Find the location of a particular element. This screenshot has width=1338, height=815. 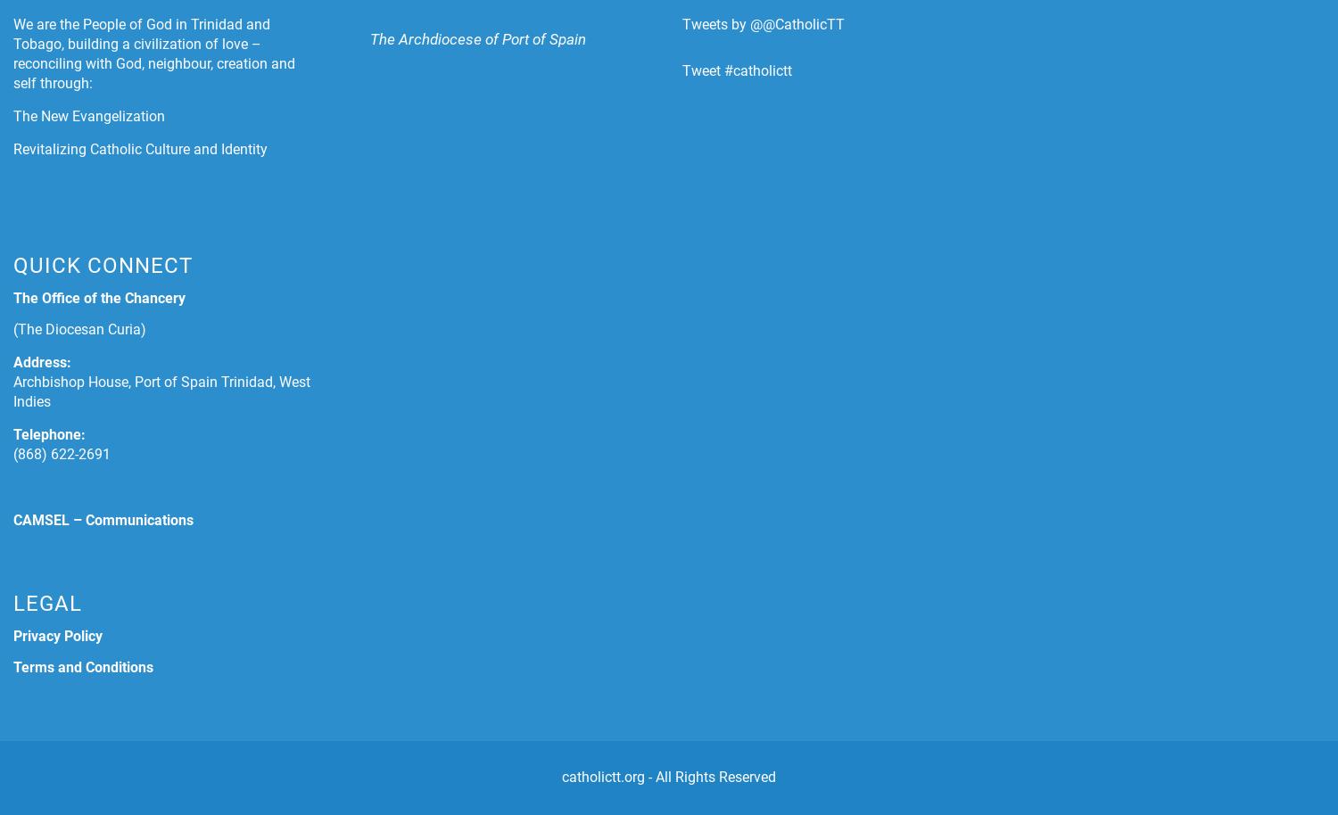

'Terms and Conditions' is located at coordinates (82, 667).